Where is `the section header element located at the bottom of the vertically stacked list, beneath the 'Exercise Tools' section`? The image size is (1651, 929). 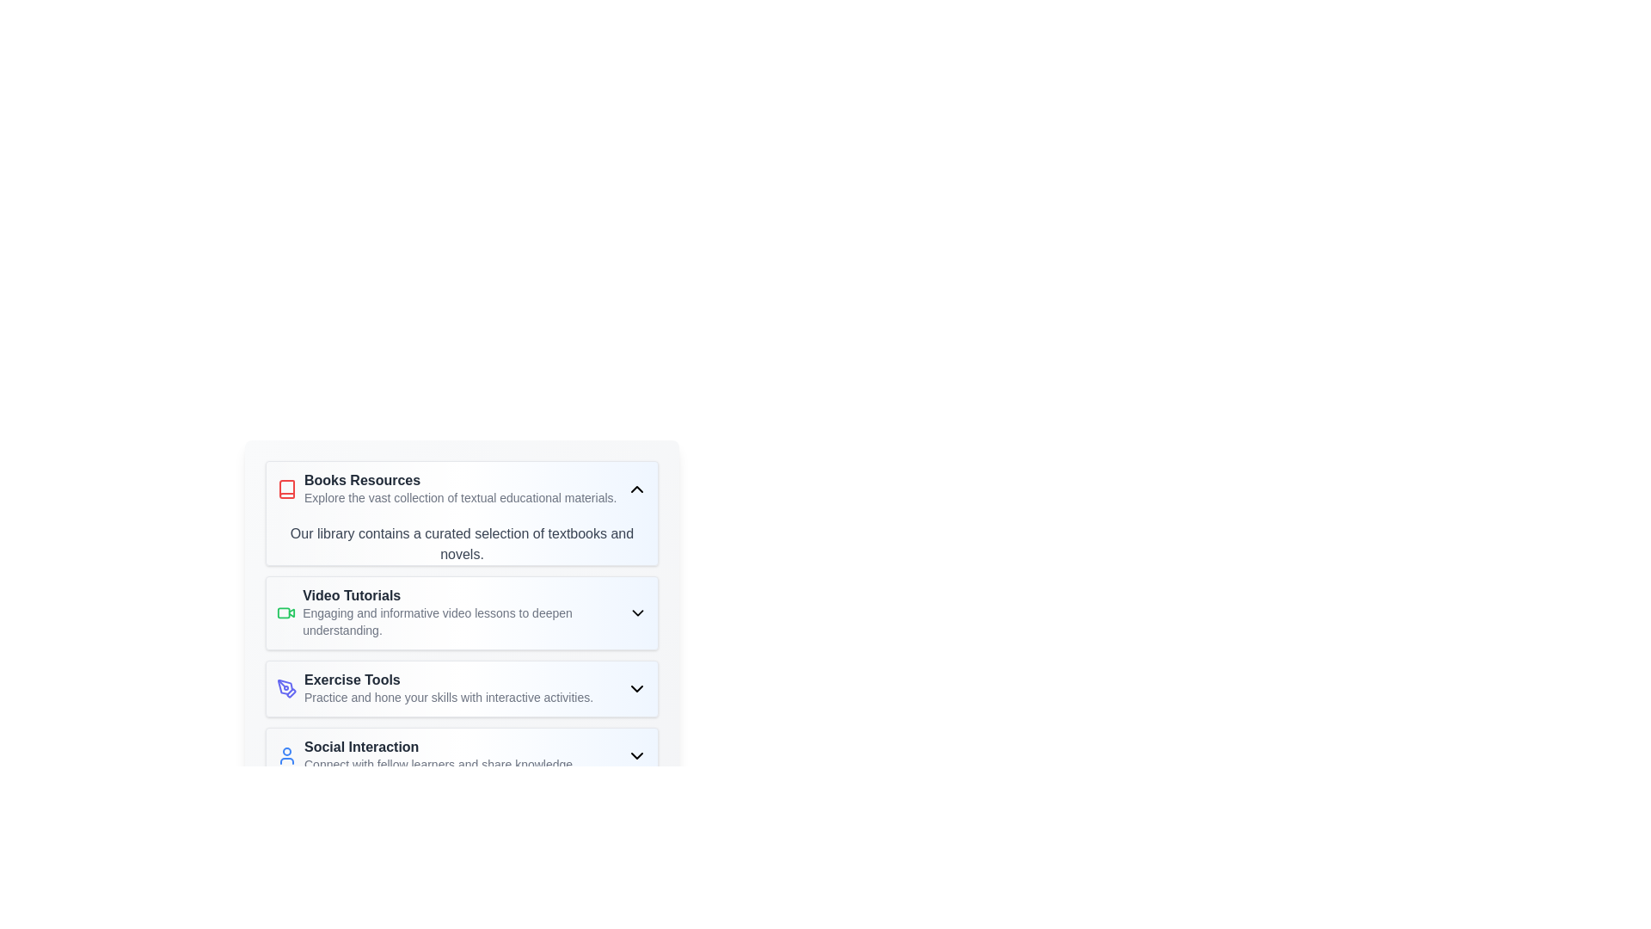
the section header element located at the bottom of the vertically stacked list, beneath the 'Exercise Tools' section is located at coordinates (440, 755).